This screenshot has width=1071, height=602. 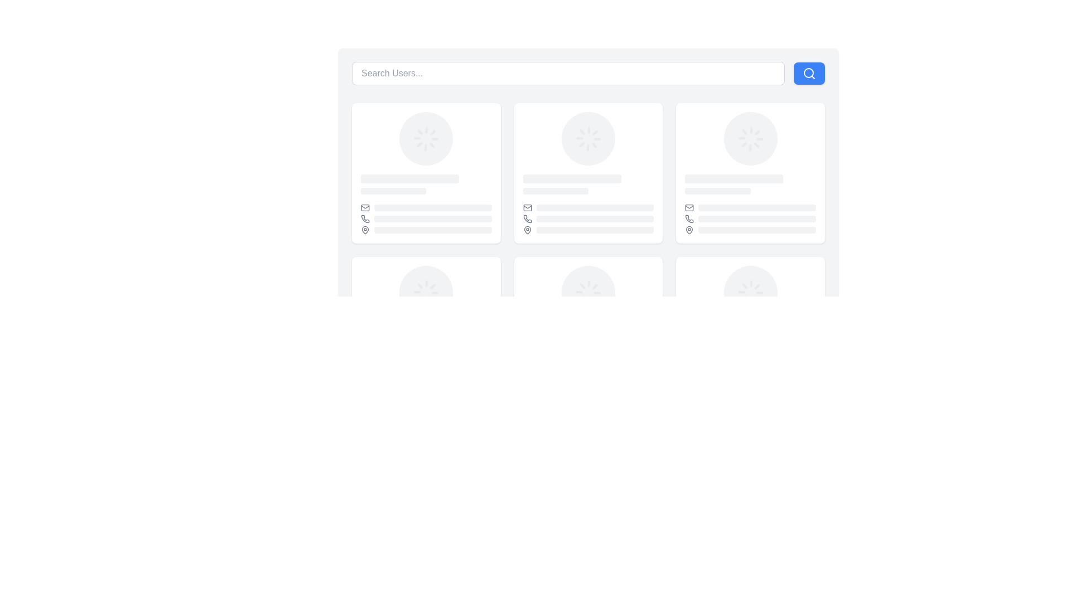 What do you see at coordinates (426, 173) in the screenshot?
I see `the profile card located in the first column and first row of the grid layout, which displays user information such as an avatar and name` at bounding box center [426, 173].